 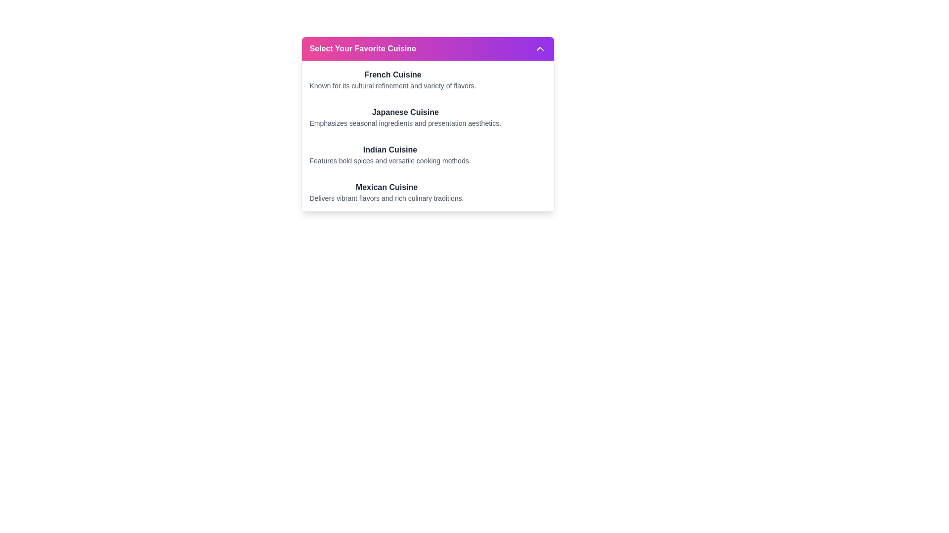 I want to click on the text block that provides information about Indian cuisine, which is the third item in the vertical list under 'Select Your Favorite Cuisine', so click(x=389, y=154).